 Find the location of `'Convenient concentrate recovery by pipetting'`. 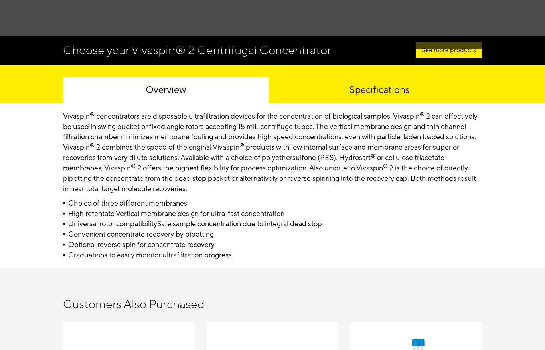

'Convenient concentrate recovery by pipetting' is located at coordinates (140, 233).